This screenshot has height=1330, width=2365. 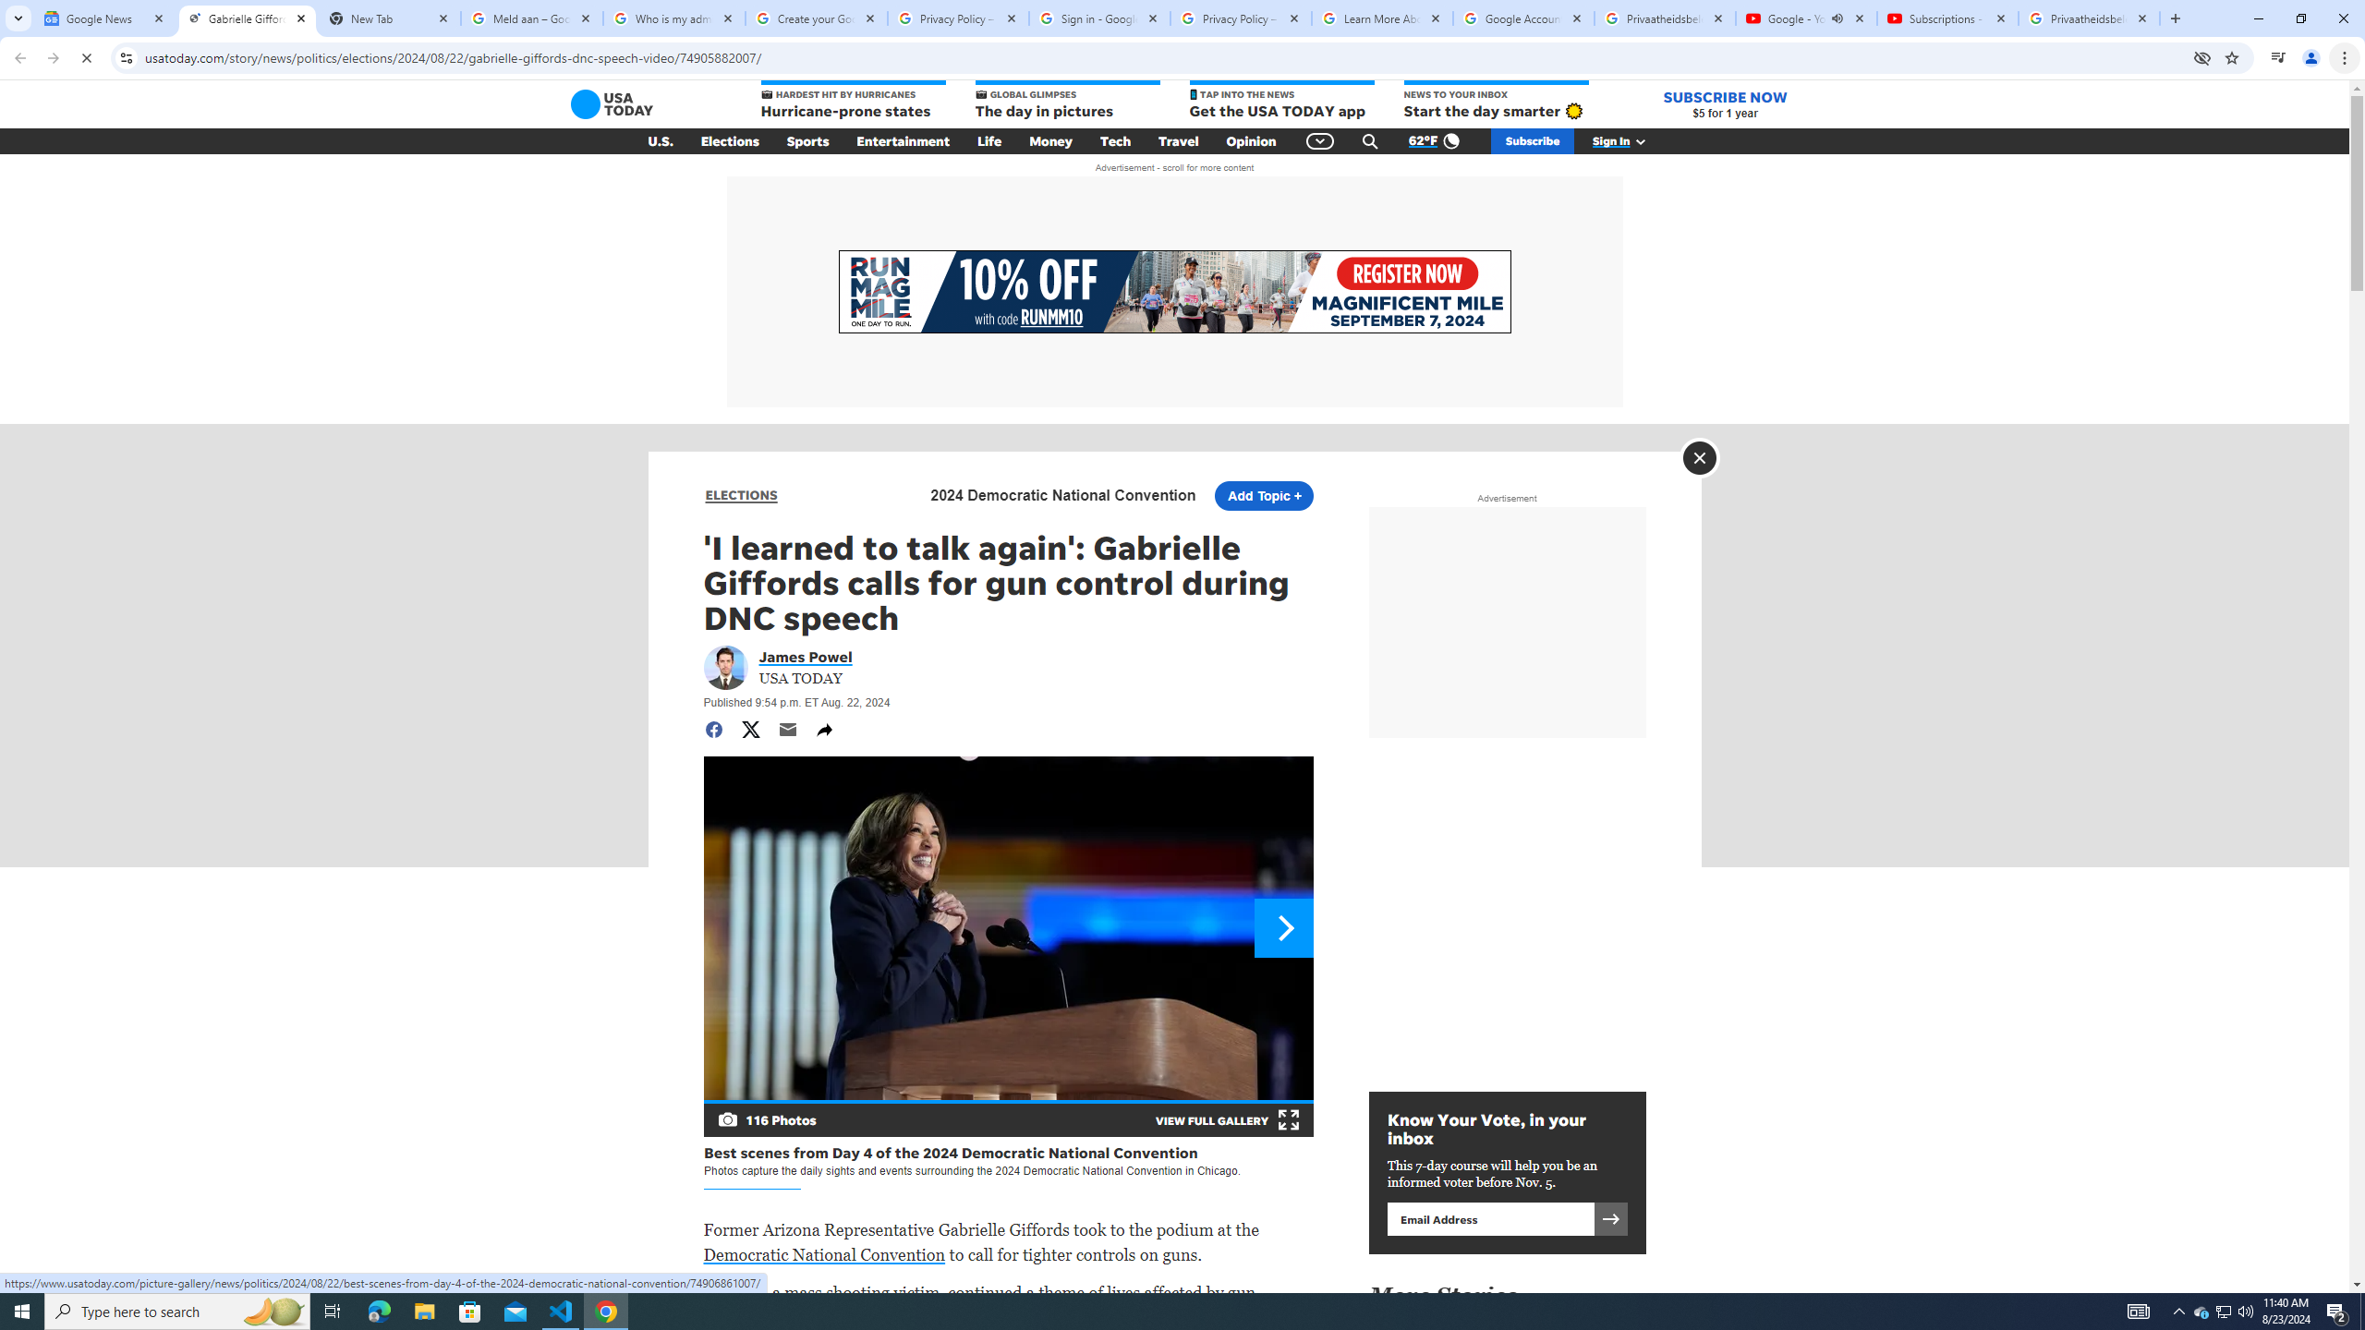 What do you see at coordinates (1178, 141) in the screenshot?
I see `'Travel'` at bounding box center [1178, 141].